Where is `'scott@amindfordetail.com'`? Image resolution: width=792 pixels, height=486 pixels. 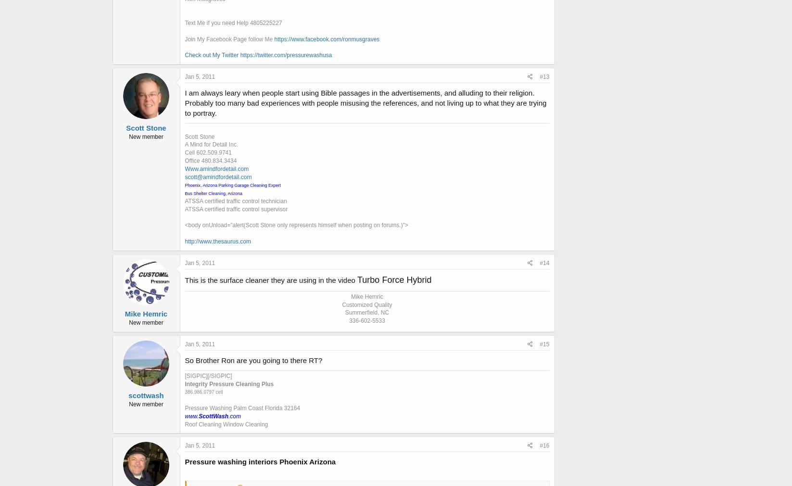 'scott@amindfordetail.com' is located at coordinates (218, 176).